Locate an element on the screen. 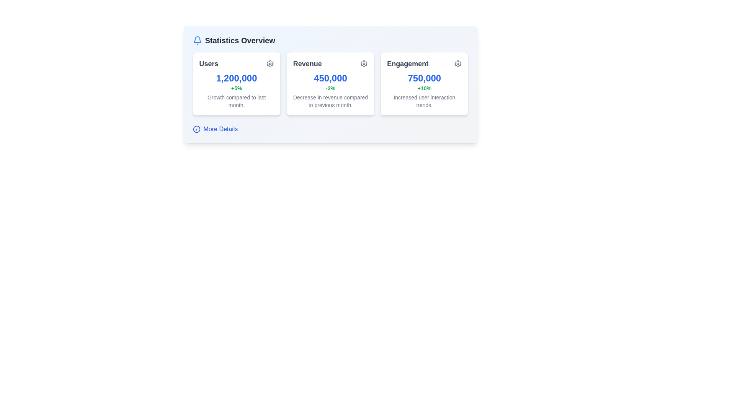 The width and height of the screenshot is (735, 413). 'Engagement' label located at the top section of the card widget, which is the third card in a horizontal sequence, displaying bold dark gray text is located at coordinates (424, 63).